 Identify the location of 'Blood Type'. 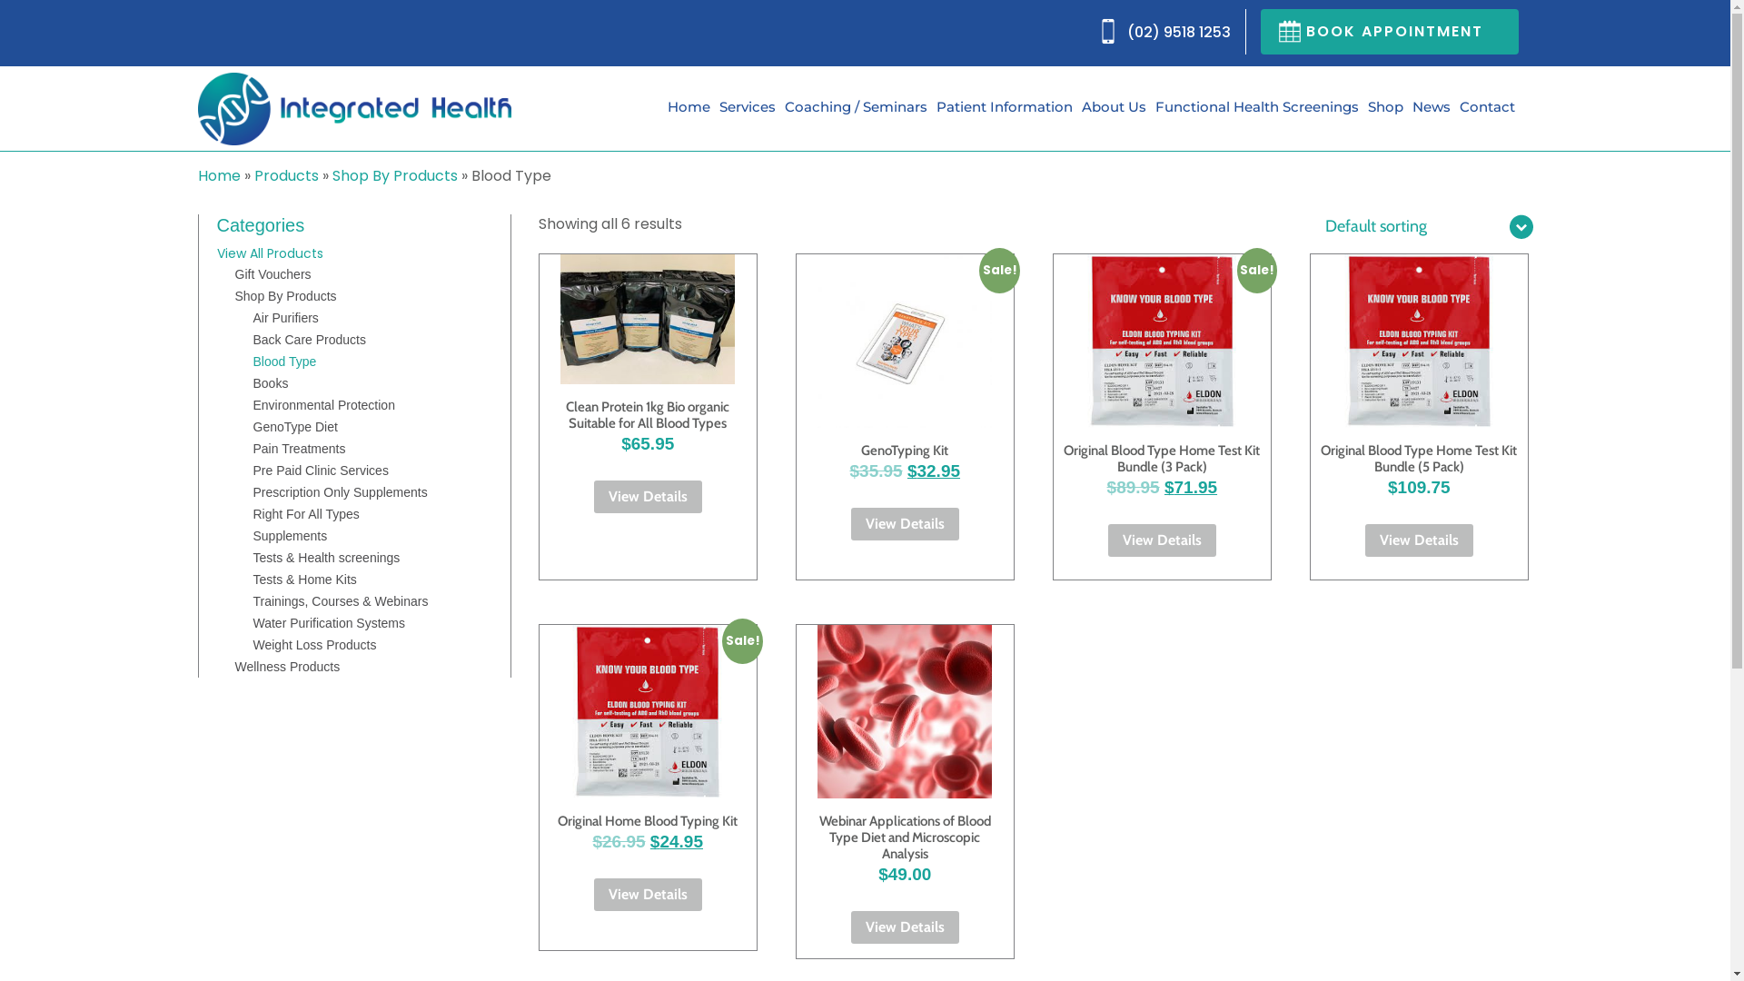
(282, 361).